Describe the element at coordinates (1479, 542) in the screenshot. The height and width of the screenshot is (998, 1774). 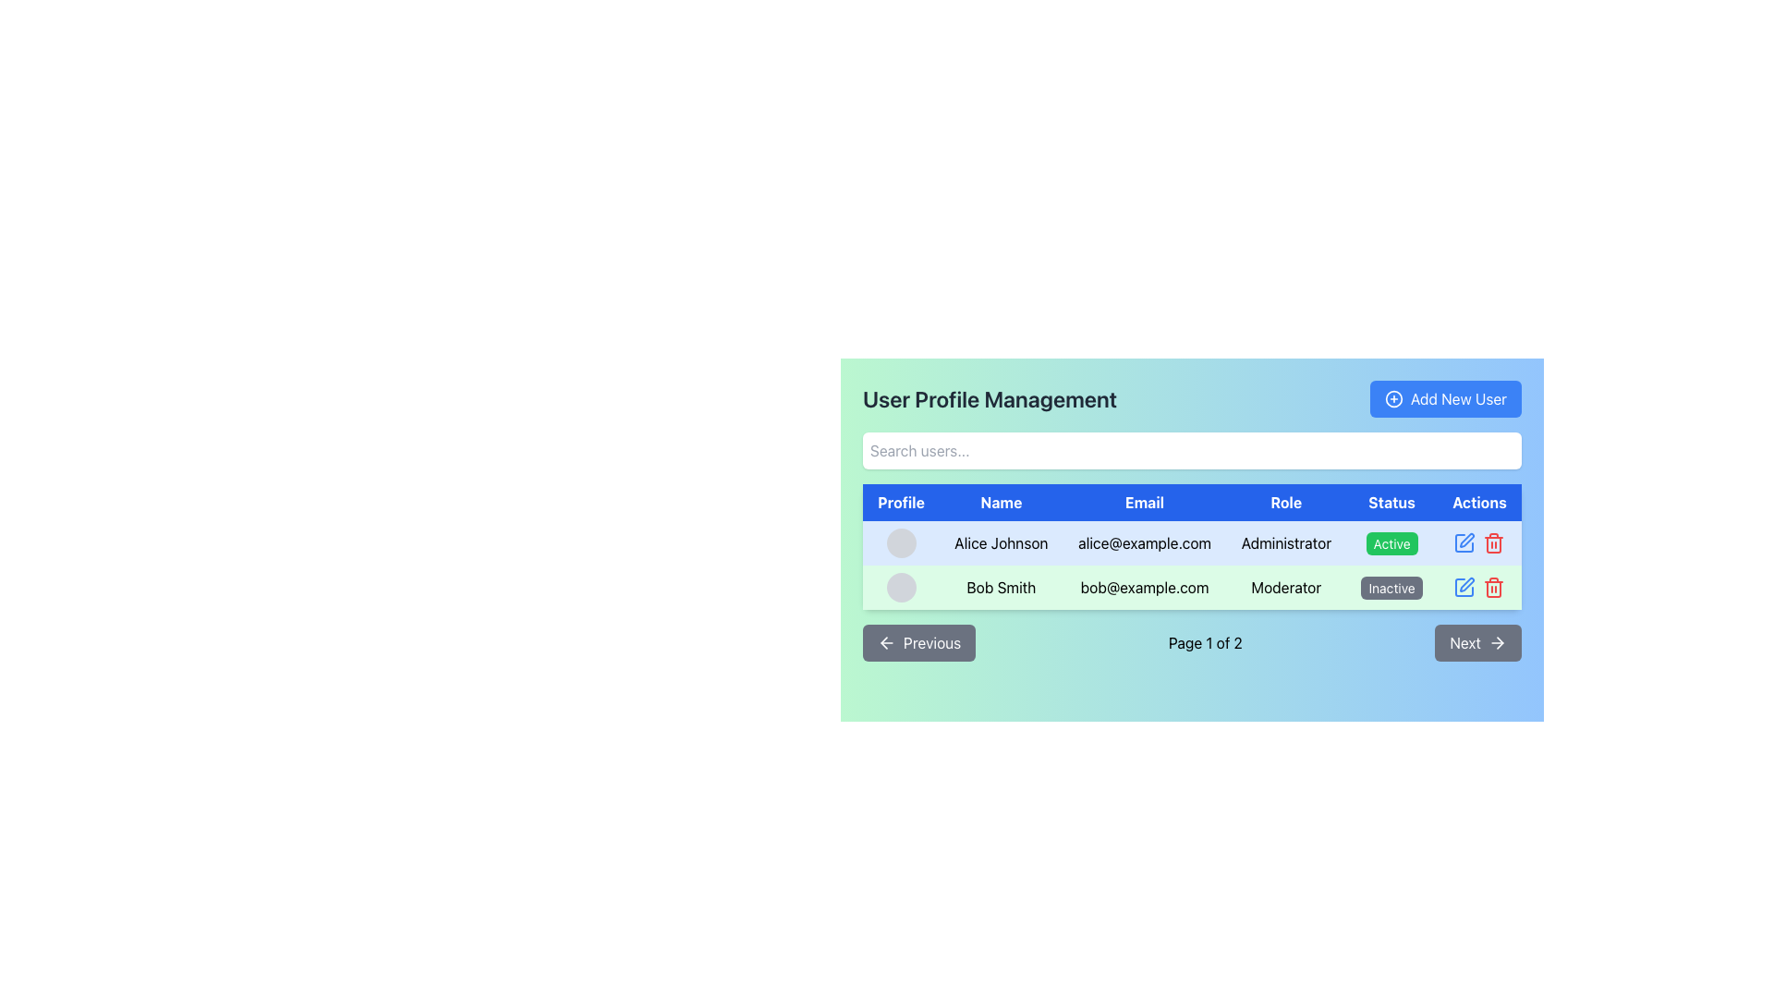
I see `the interactive buttons in the 'Actions' column for user 'Alice Johnson'` at that location.